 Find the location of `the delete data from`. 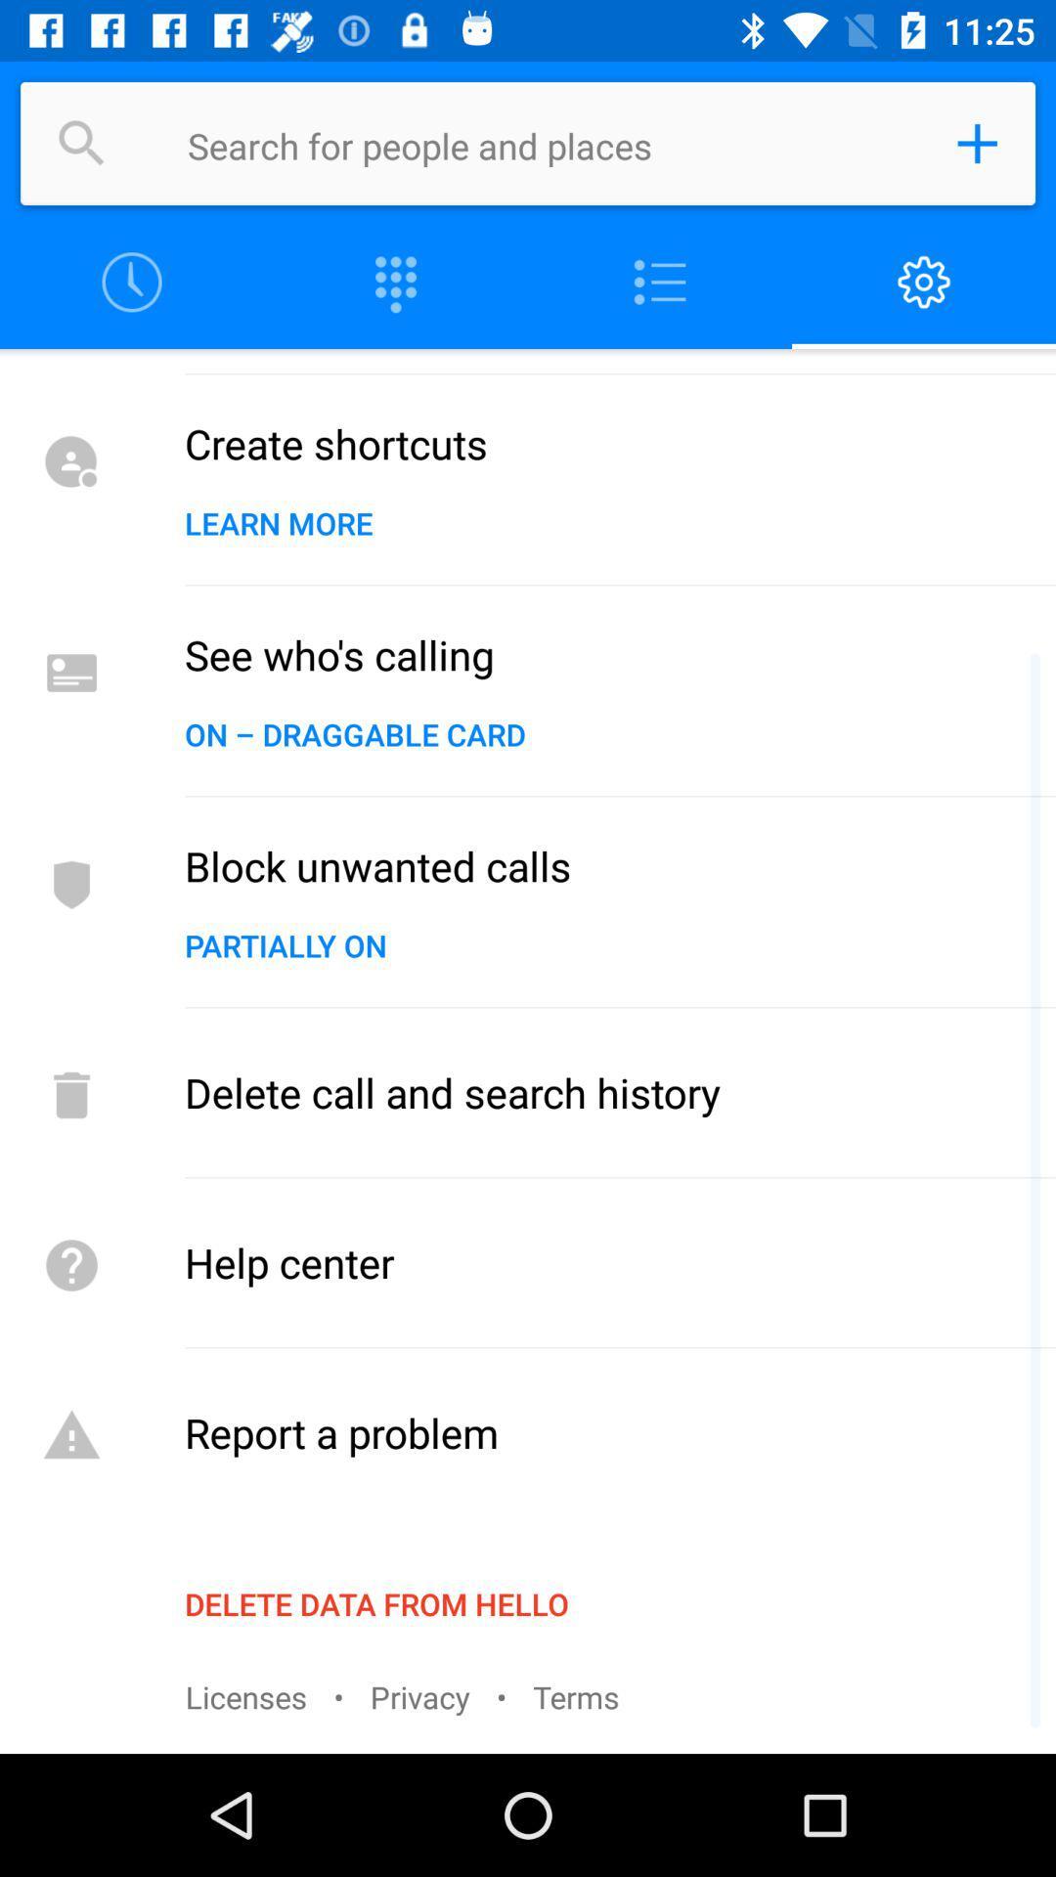

the delete data from is located at coordinates (376, 1603).